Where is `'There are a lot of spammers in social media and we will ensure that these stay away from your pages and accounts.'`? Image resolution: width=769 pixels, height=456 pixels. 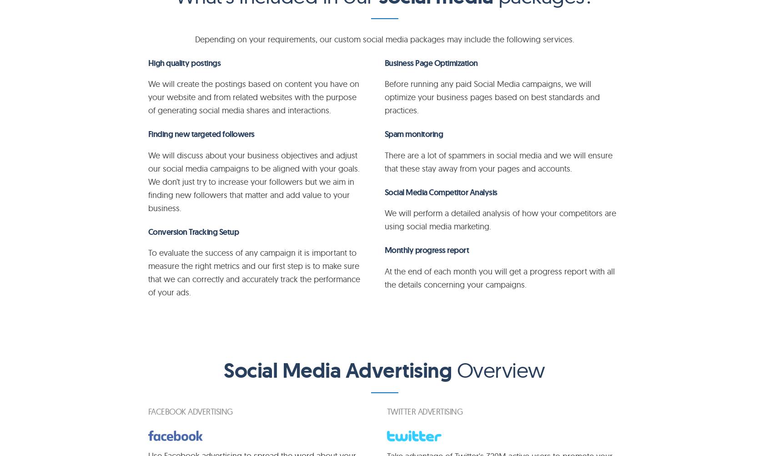 'There are a lot of spammers in social media and we will ensure that these stay away from your pages and accounts.' is located at coordinates (498, 162).